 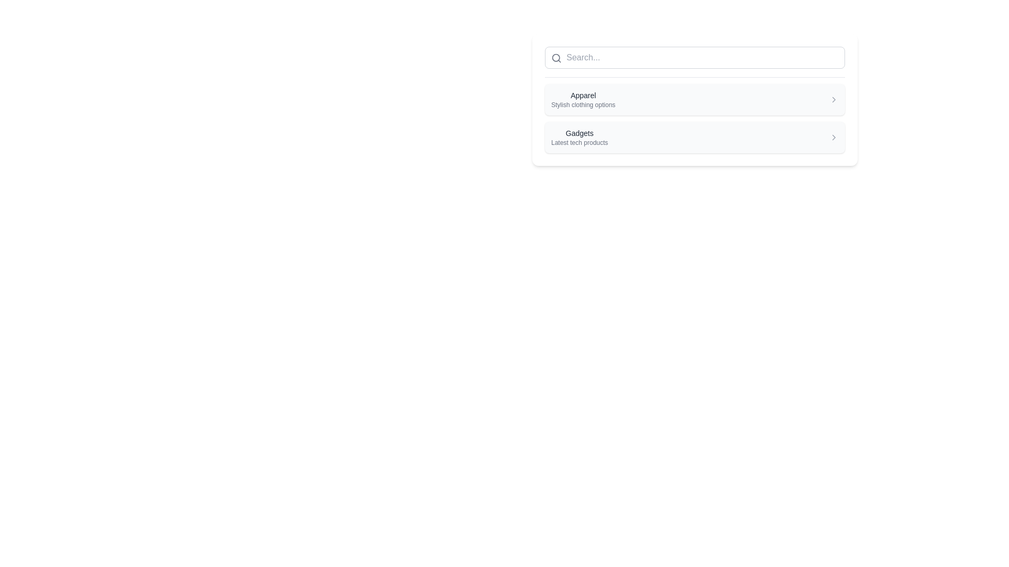 What do you see at coordinates (582, 99) in the screenshot?
I see `the two-line labeled text block at the top of the clothing section` at bounding box center [582, 99].